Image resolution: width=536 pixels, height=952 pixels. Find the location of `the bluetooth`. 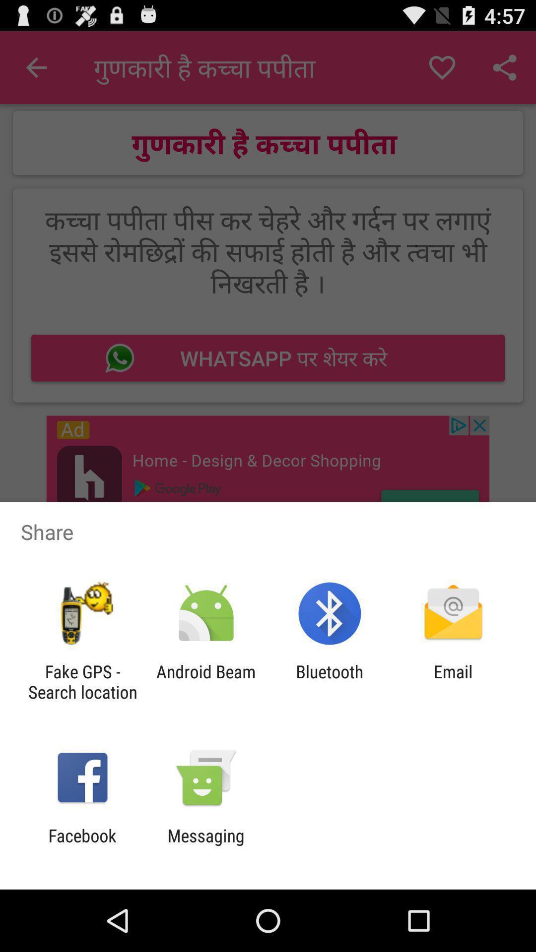

the bluetooth is located at coordinates (330, 681).